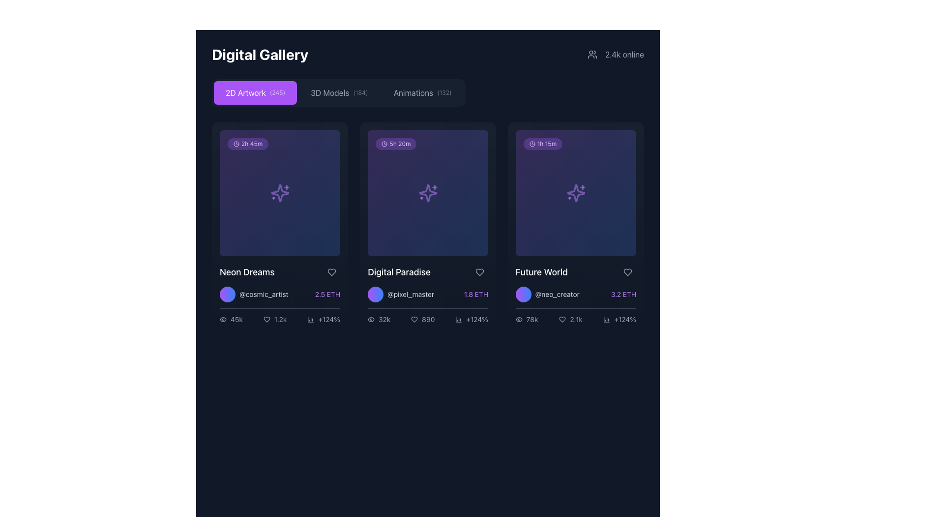  I want to click on the heart icon located in the lower-right corner of the 'Digital Paradise' card, so click(414, 320).